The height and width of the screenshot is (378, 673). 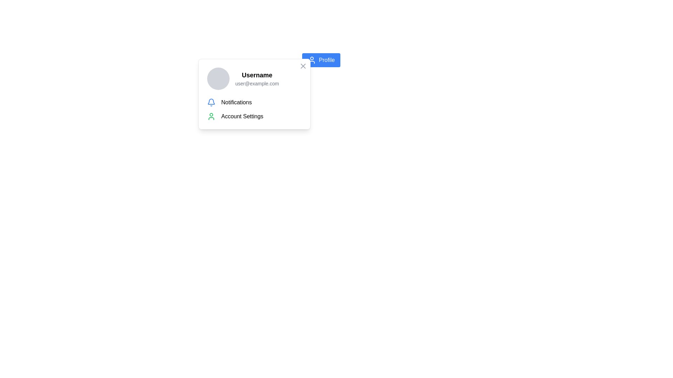 What do you see at coordinates (211, 103) in the screenshot?
I see `the blue bell icon representing notifications, located to the left of the 'Notifications' text in the dropdown panel beneath the main profile link` at bounding box center [211, 103].